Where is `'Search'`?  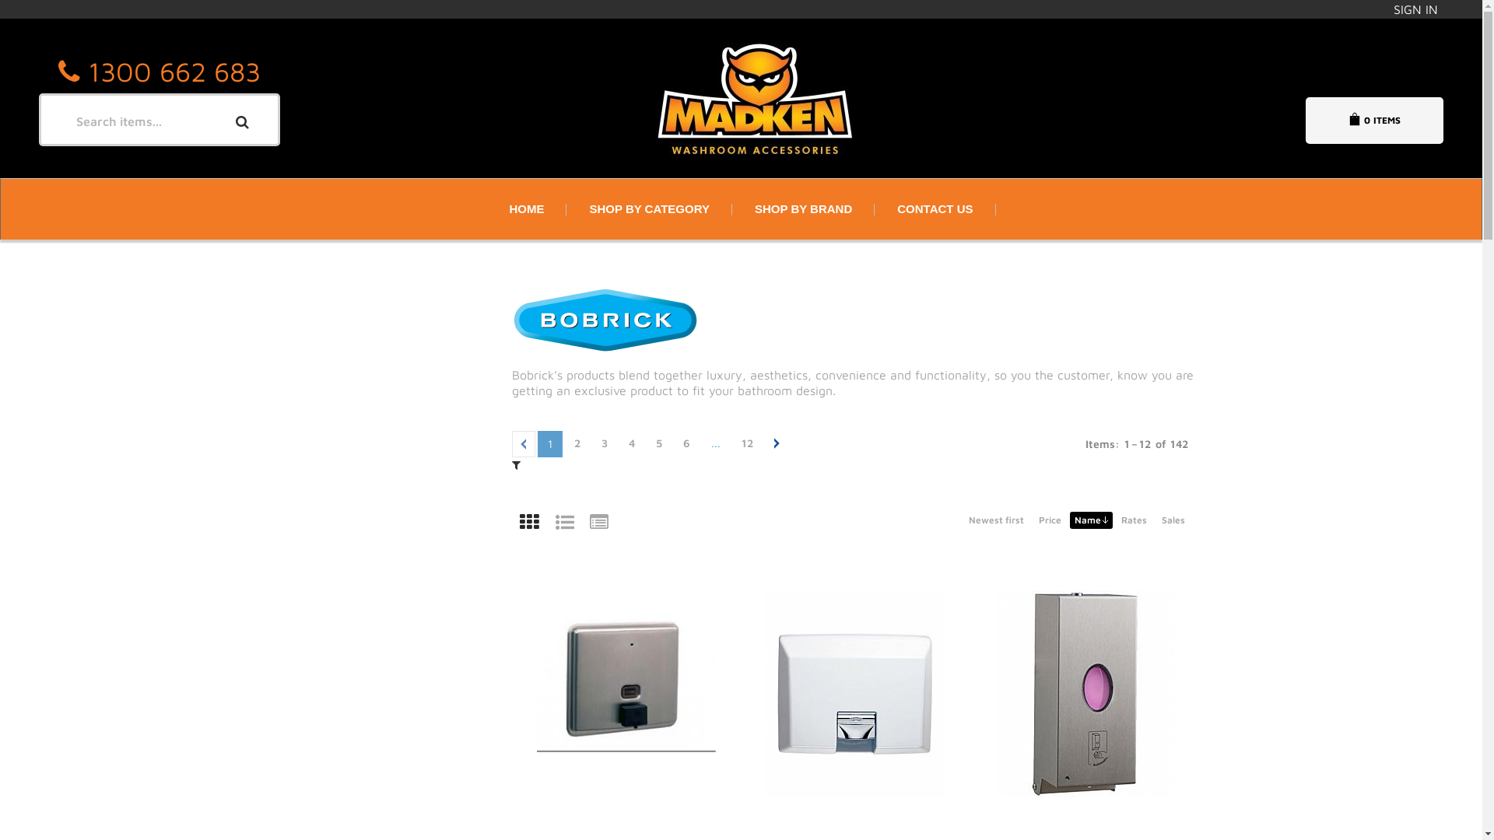
'Search' is located at coordinates (228, 117).